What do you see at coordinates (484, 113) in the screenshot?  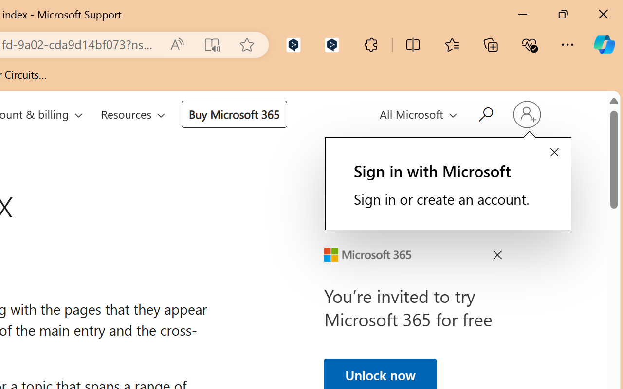 I see `'Search for help'` at bounding box center [484, 113].